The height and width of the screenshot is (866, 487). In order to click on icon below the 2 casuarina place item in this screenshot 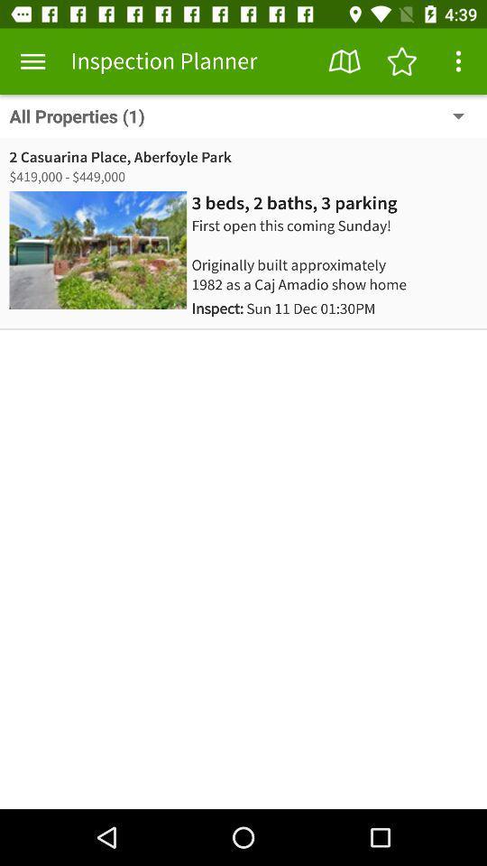, I will do `click(68, 177)`.